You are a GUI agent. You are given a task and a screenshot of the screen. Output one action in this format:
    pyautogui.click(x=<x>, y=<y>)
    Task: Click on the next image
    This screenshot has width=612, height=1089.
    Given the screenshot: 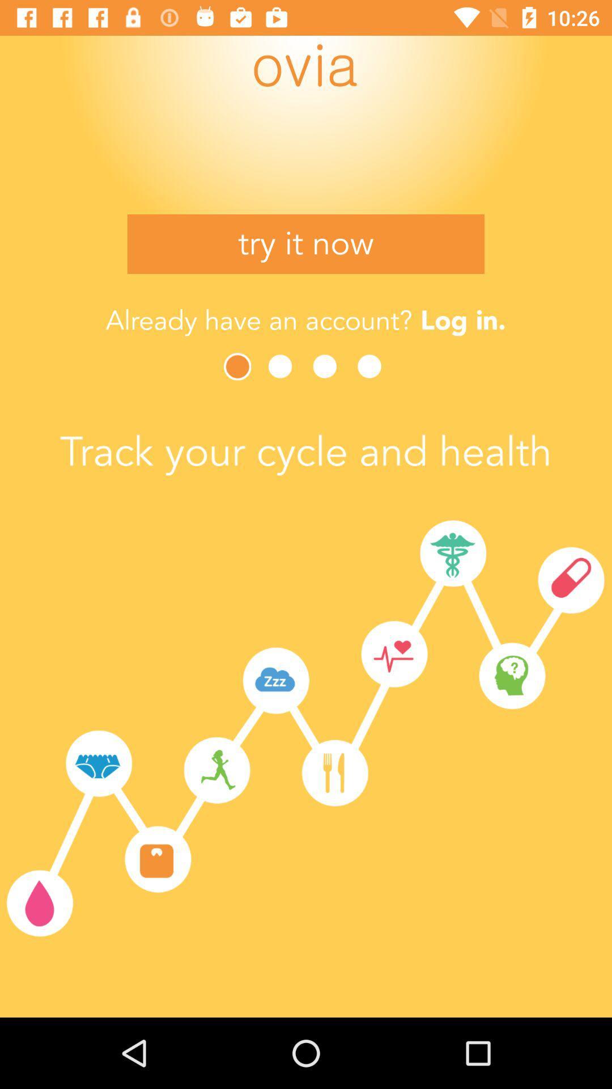 What is the action you would take?
    pyautogui.click(x=238, y=366)
    